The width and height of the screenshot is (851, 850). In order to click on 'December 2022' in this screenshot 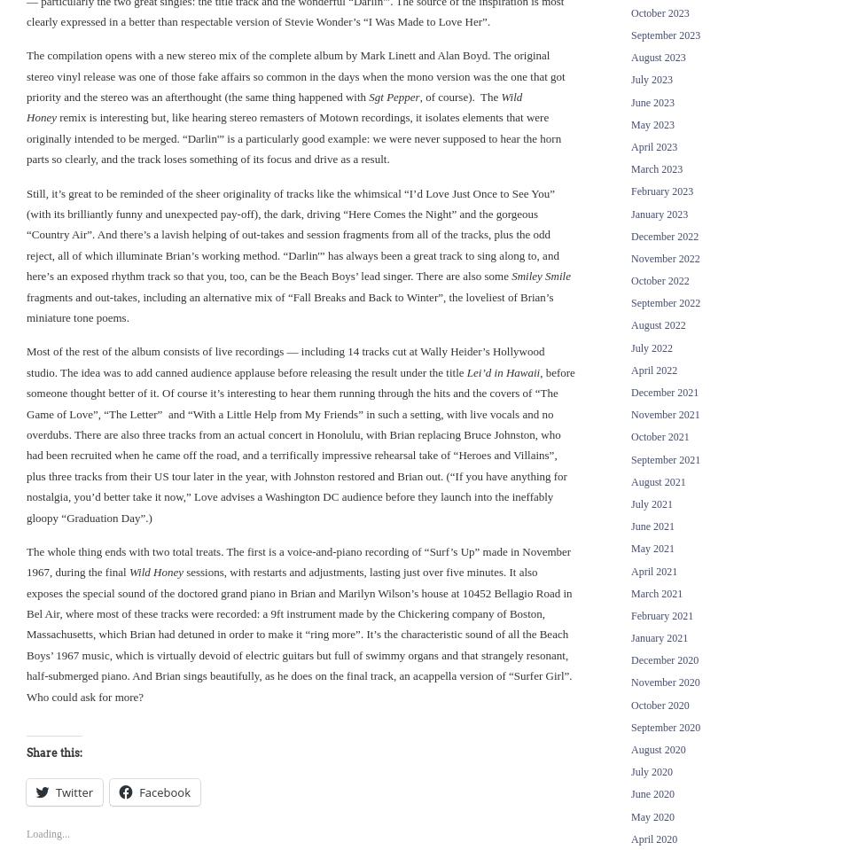, I will do `click(631, 236)`.